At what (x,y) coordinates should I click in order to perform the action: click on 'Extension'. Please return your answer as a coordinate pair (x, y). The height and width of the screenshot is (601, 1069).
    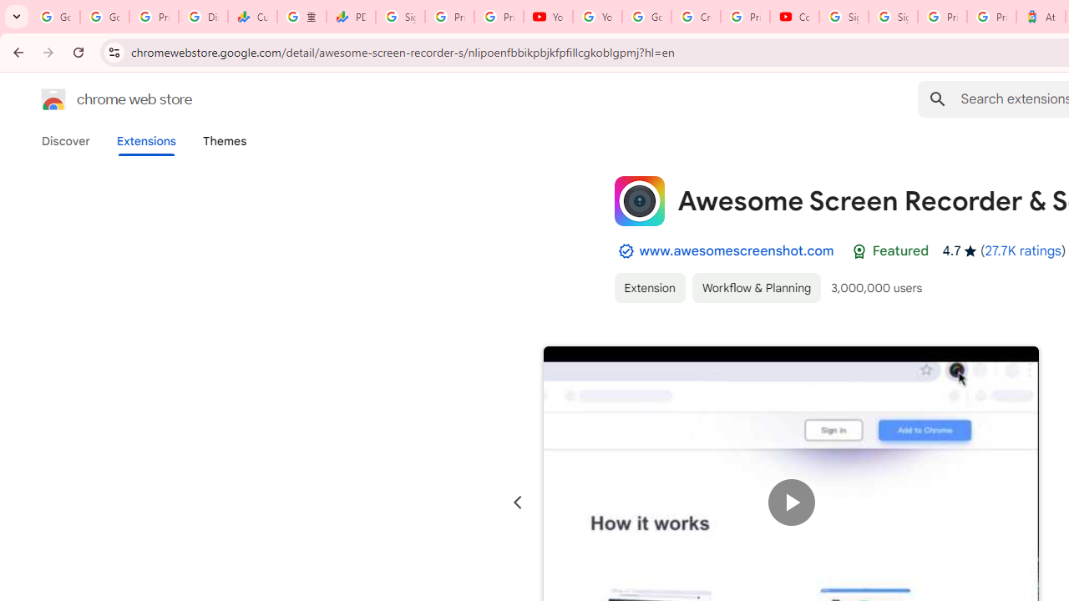
    Looking at the image, I should click on (648, 286).